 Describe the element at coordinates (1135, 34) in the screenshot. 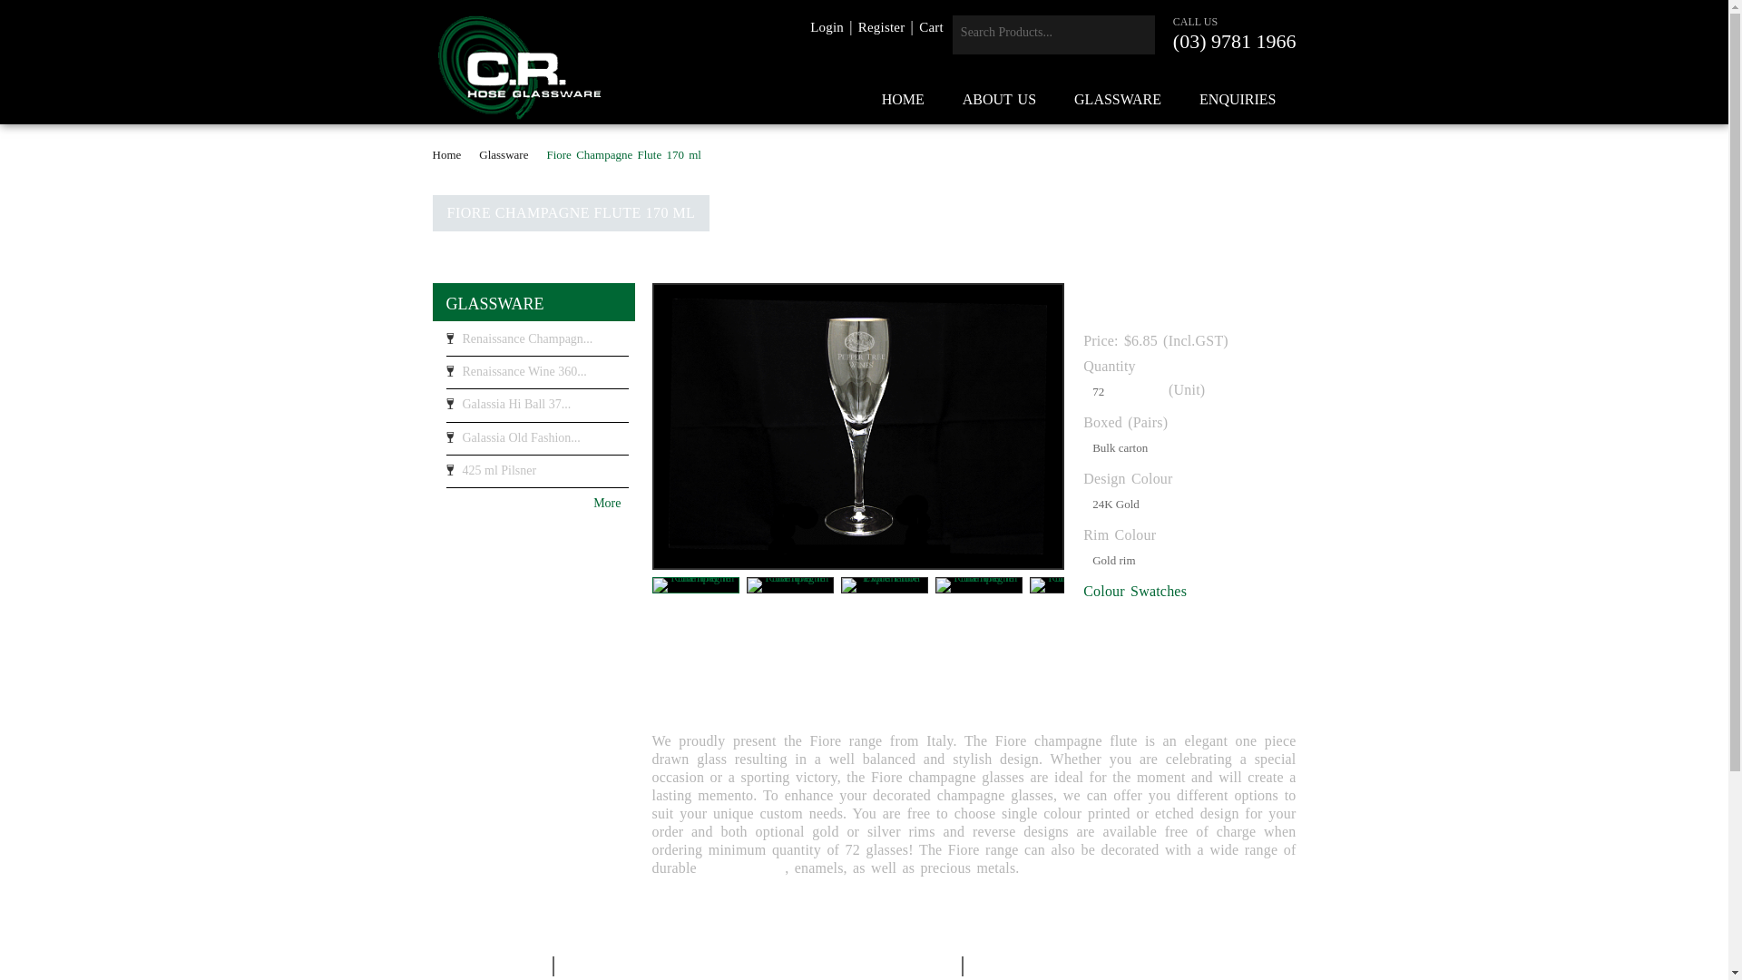

I see `'Search'` at that location.